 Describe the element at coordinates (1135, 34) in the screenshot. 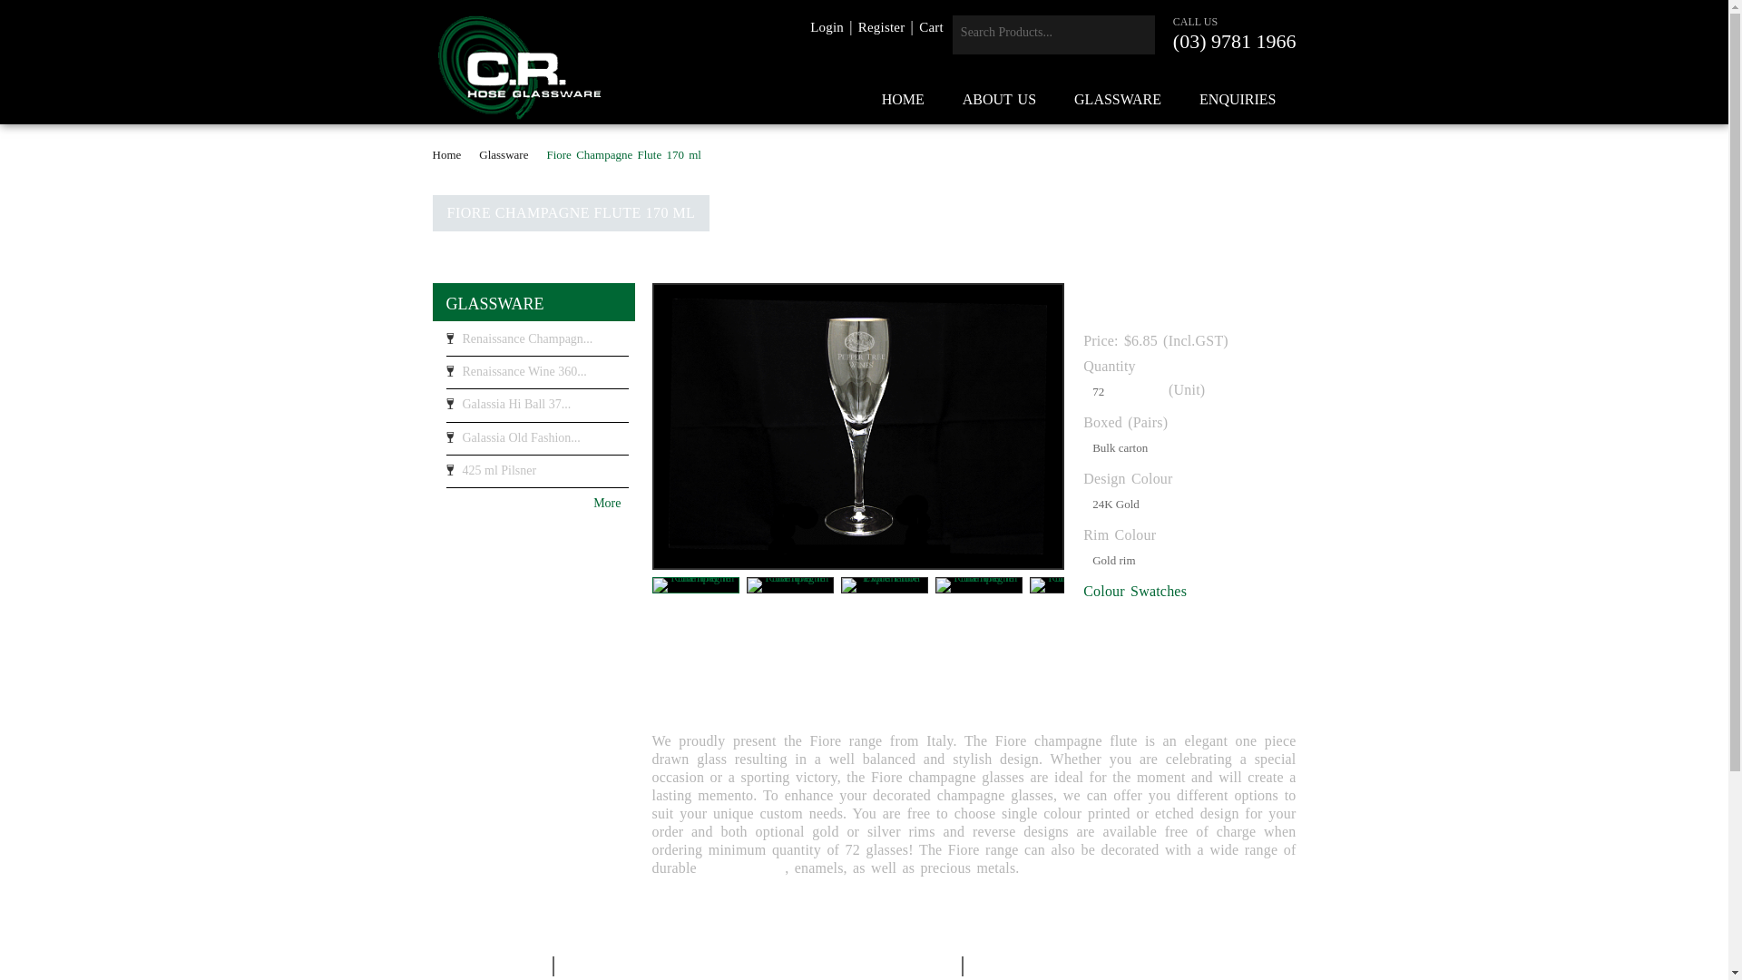

I see `'Search'` at that location.